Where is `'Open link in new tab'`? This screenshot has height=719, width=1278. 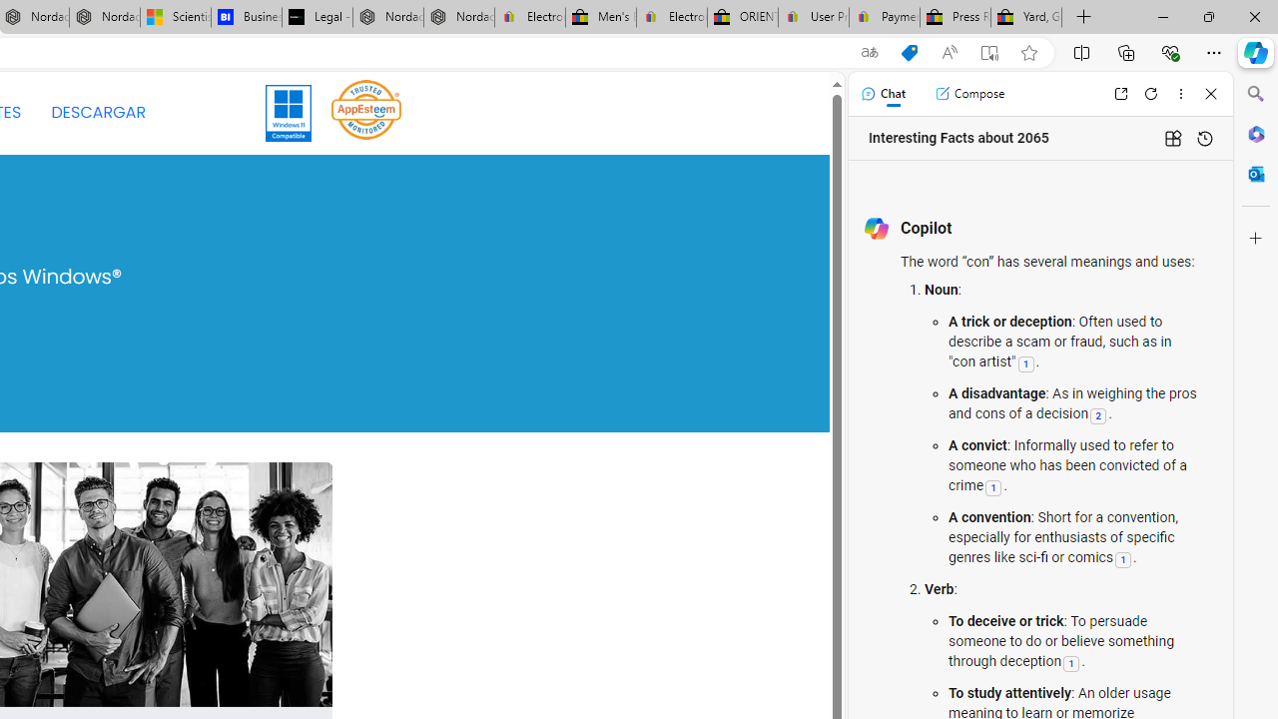
'Open link in new tab' is located at coordinates (1120, 93).